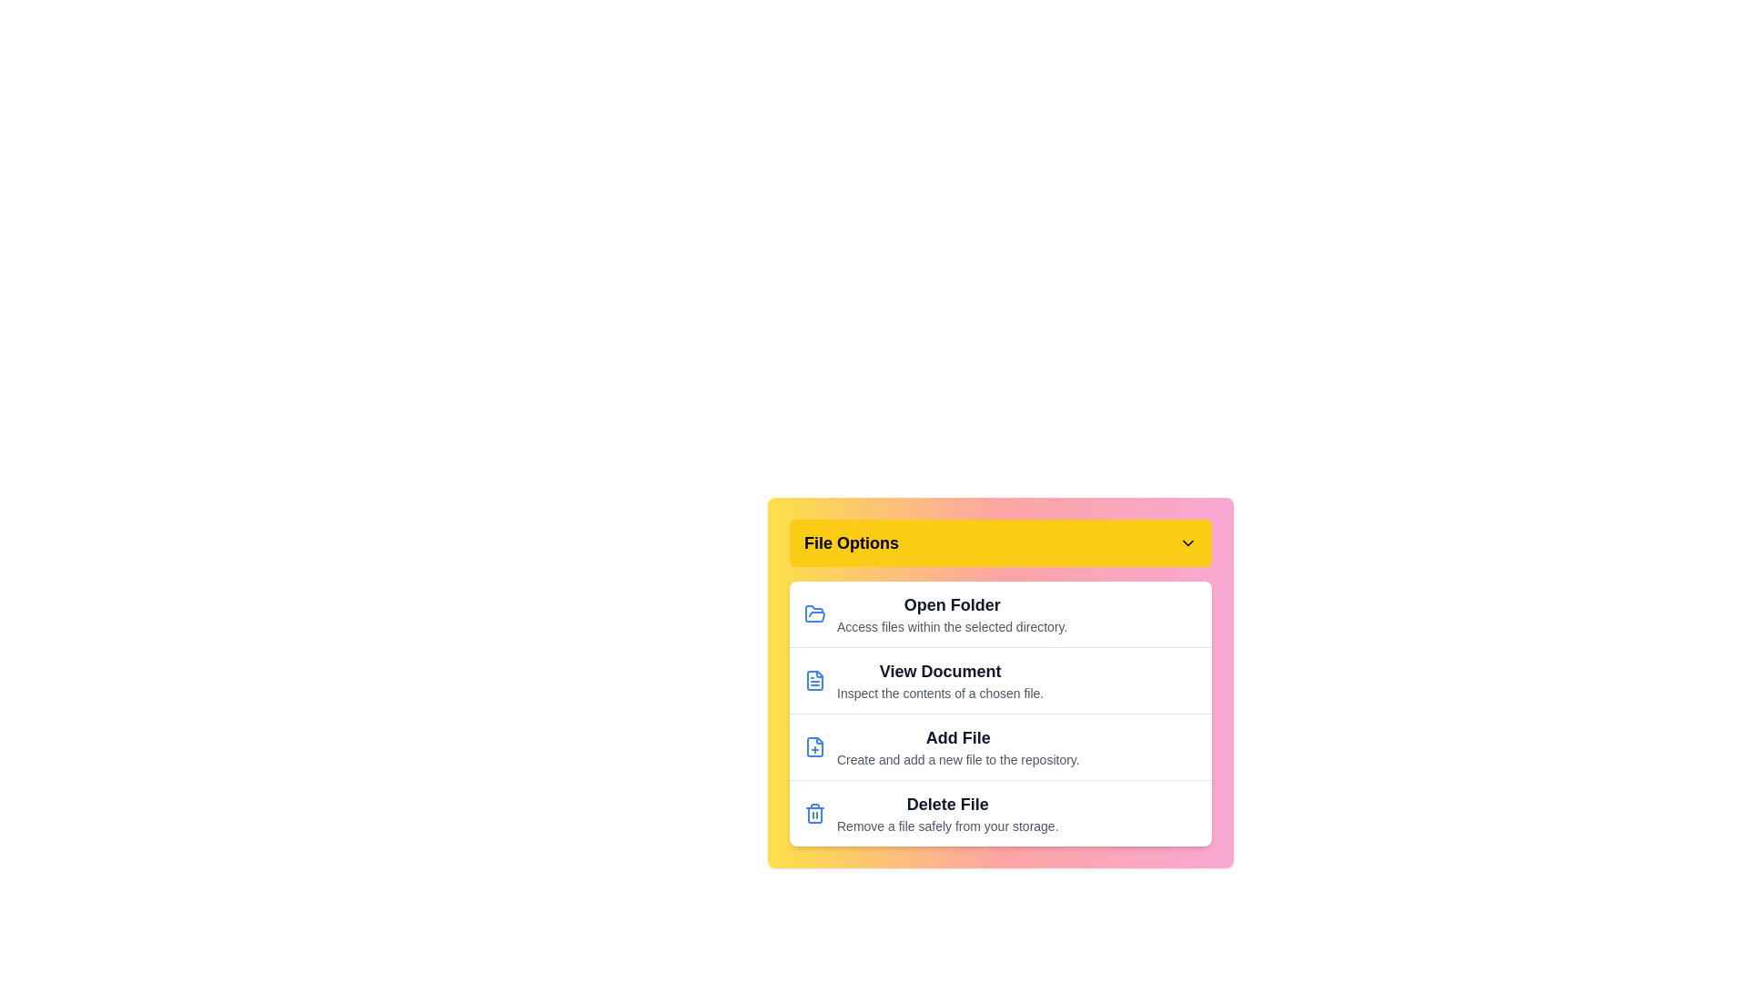  Describe the element at coordinates (957, 737) in the screenshot. I see `the text label that describes the action to add a new file to the repository, located between 'View Document' and 'Delete File' menu options` at that location.